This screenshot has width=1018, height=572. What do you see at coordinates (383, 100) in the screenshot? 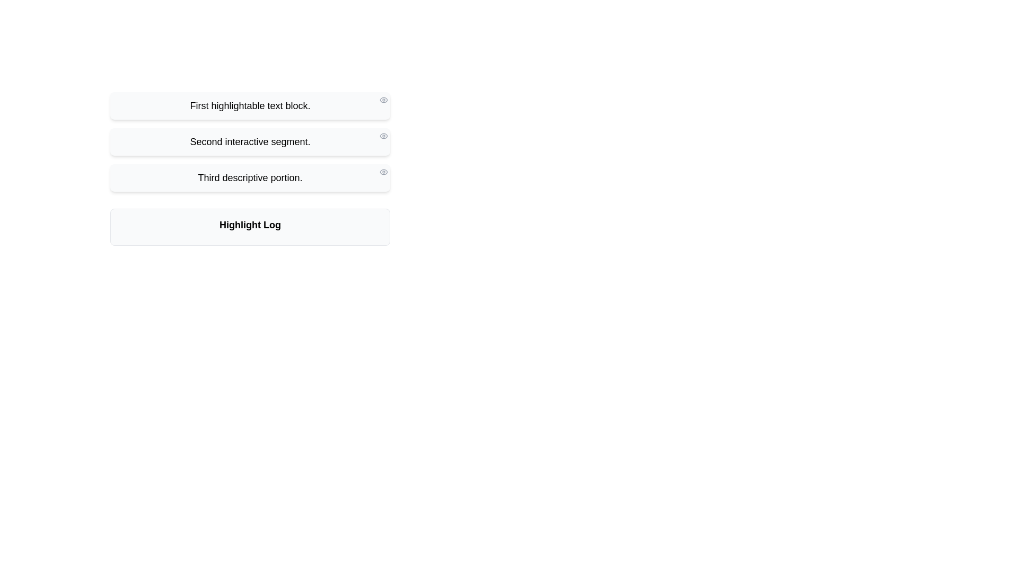
I see `the eye-shaped icon located at the top-right corner of the first text block` at bounding box center [383, 100].